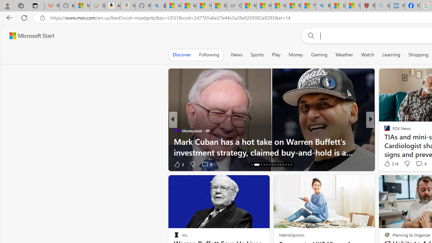  What do you see at coordinates (420, 164) in the screenshot?
I see `'View comments 23 Comment'` at bounding box center [420, 164].